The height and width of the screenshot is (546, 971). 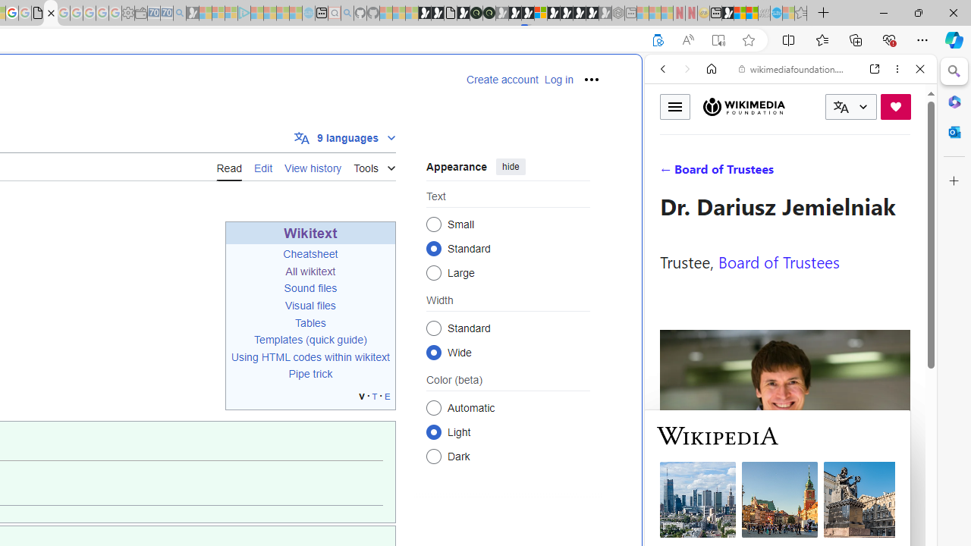 I want to click on 't', so click(x=375, y=395).